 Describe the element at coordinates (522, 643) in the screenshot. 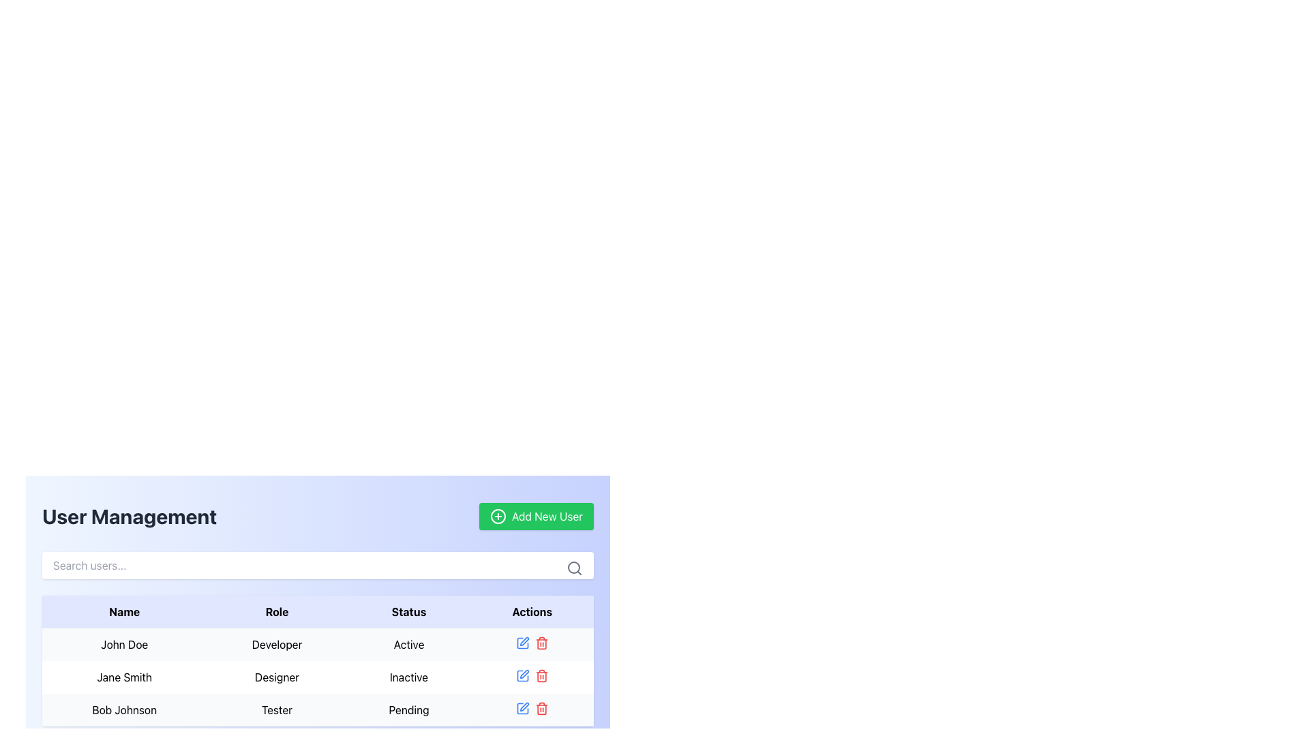

I see `the first icon button in the 'Actions' column of the first user entry in the table` at that location.